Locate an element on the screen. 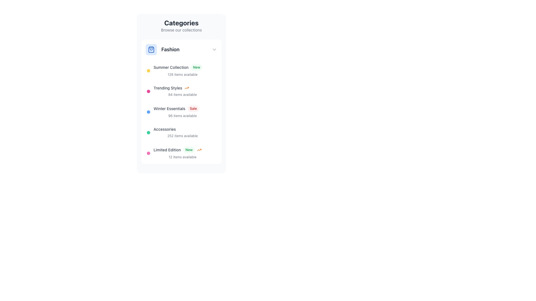 The height and width of the screenshot is (301, 536). the text label that reads 'Browse our collections', which is styled in gray and positioned below the 'Categories' heading is located at coordinates (181, 30).